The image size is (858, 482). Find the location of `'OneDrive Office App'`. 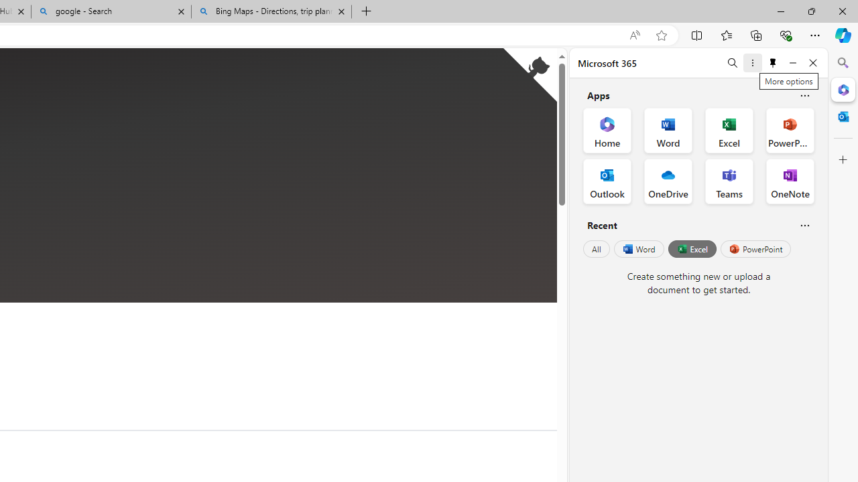

'OneDrive Office App' is located at coordinates (668, 181).